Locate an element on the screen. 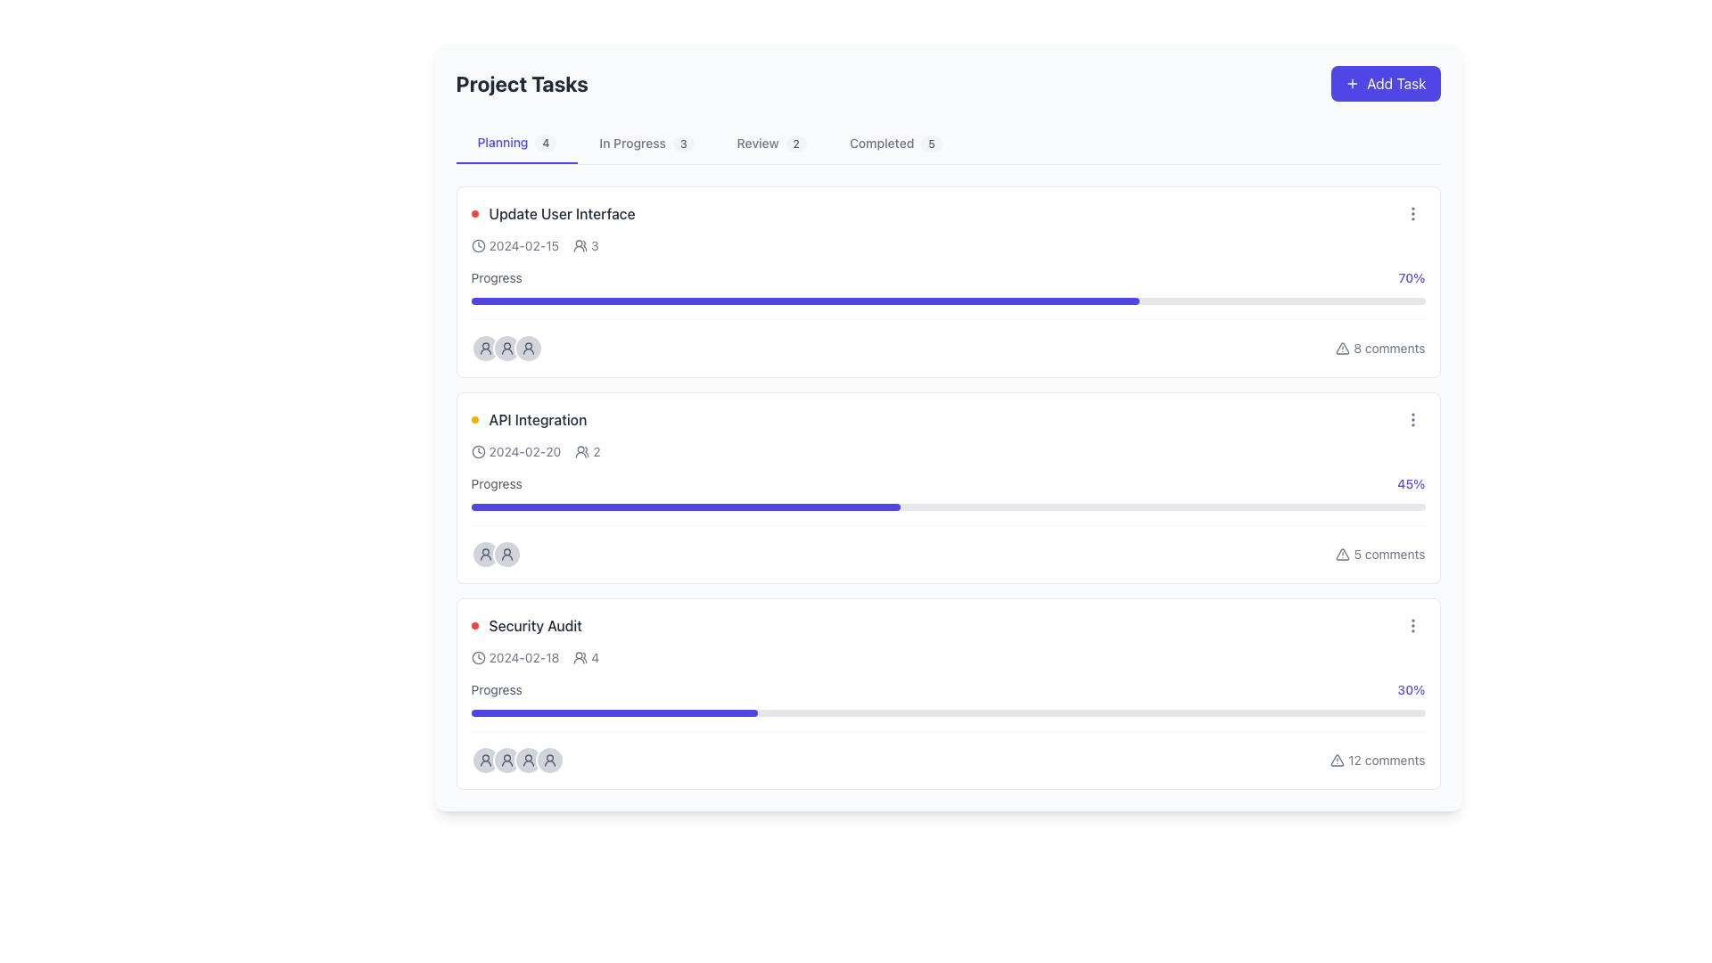 Image resolution: width=1712 pixels, height=963 pixels. the Overflow menu button located at the far right side of the 'API Integration' task row is located at coordinates (1412, 419).